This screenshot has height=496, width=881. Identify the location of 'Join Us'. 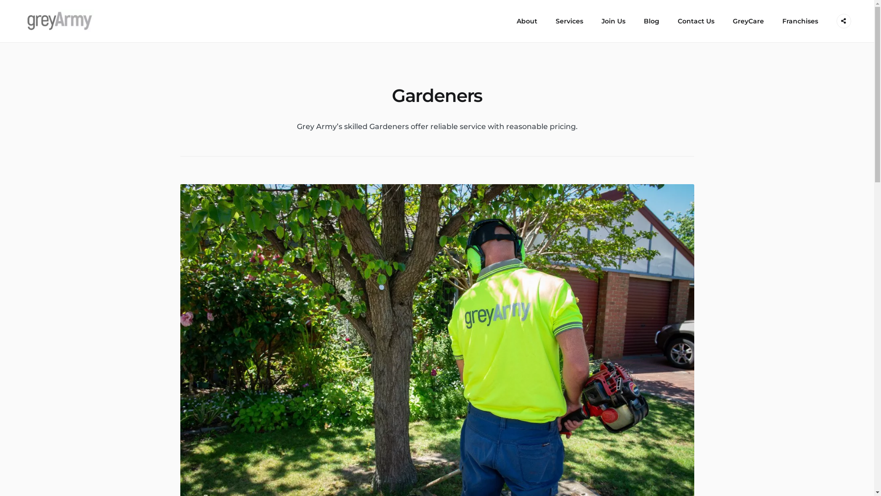
(613, 21).